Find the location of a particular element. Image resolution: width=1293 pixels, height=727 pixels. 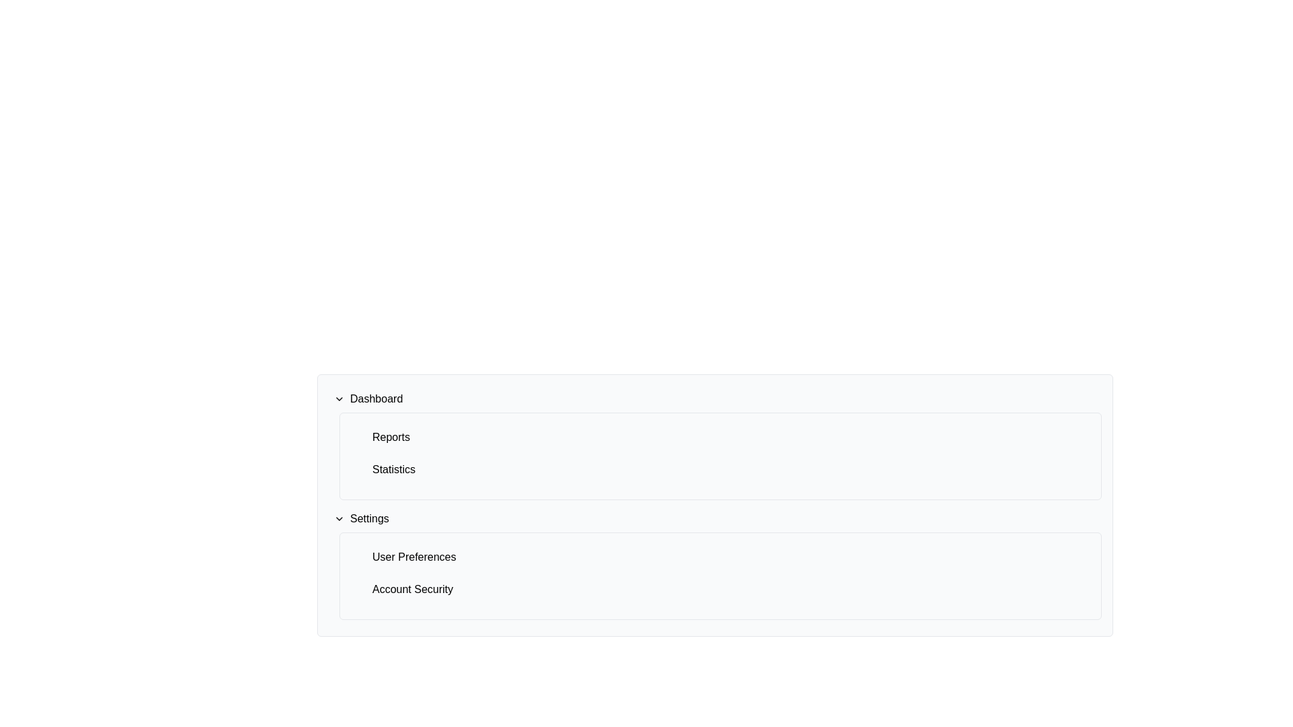

the 'Statistics' text label, which is displayed in black font and located below the 'Reports' label in the 'Dashboard' section is located at coordinates (393, 469).